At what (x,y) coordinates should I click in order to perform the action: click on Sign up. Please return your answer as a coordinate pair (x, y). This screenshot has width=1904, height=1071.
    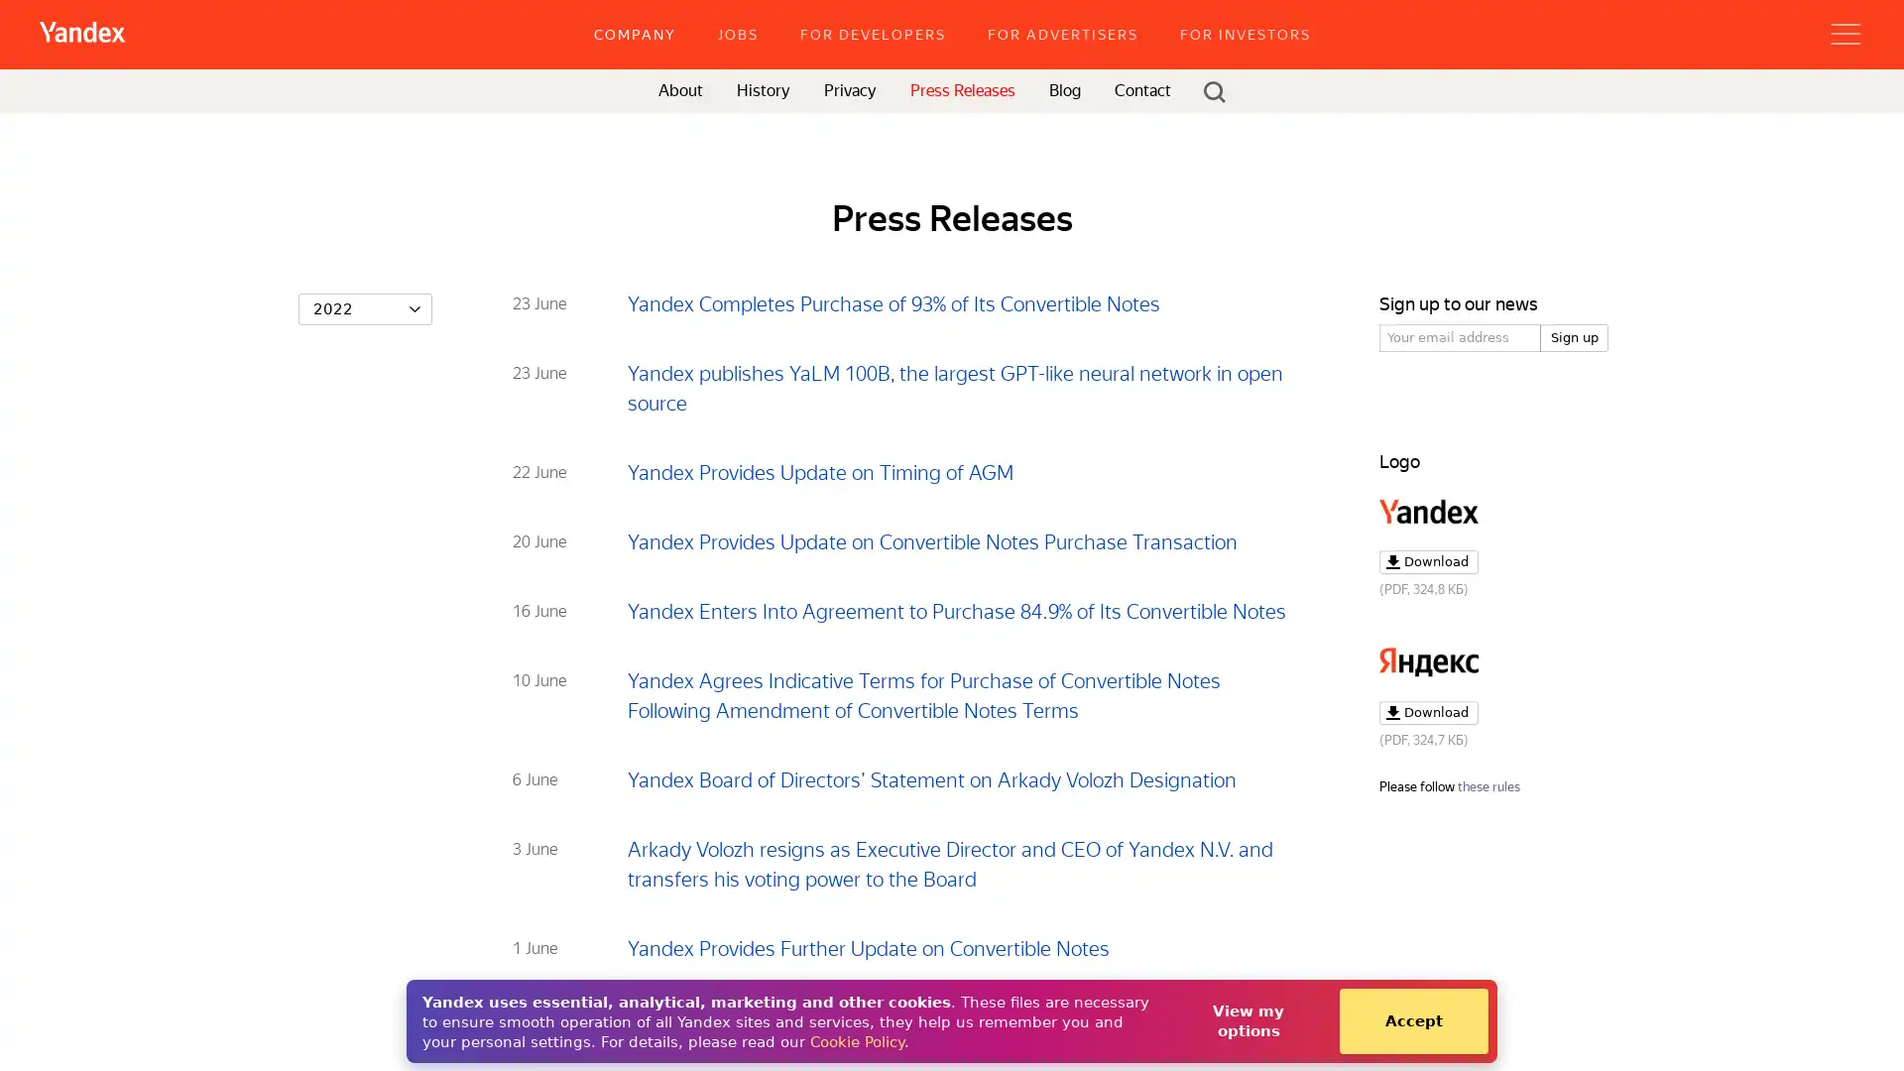
    Looking at the image, I should click on (1574, 336).